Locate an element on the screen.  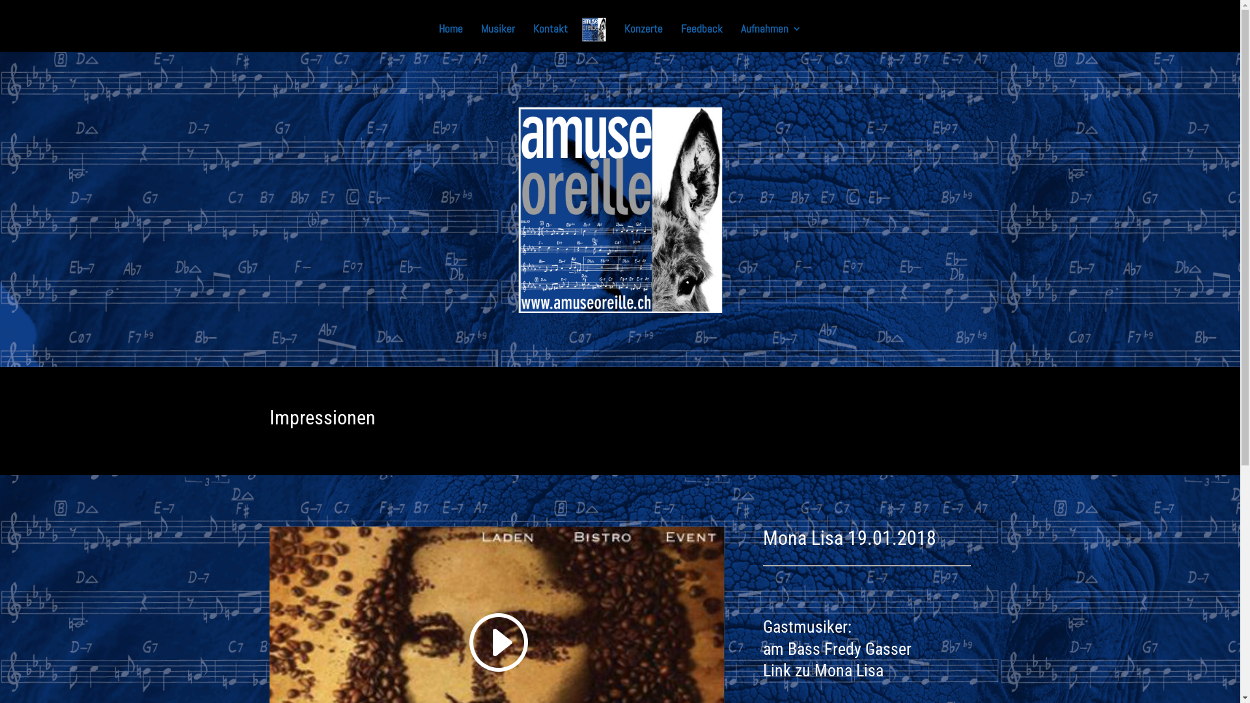
'Aufnahmen' is located at coordinates (771, 37).